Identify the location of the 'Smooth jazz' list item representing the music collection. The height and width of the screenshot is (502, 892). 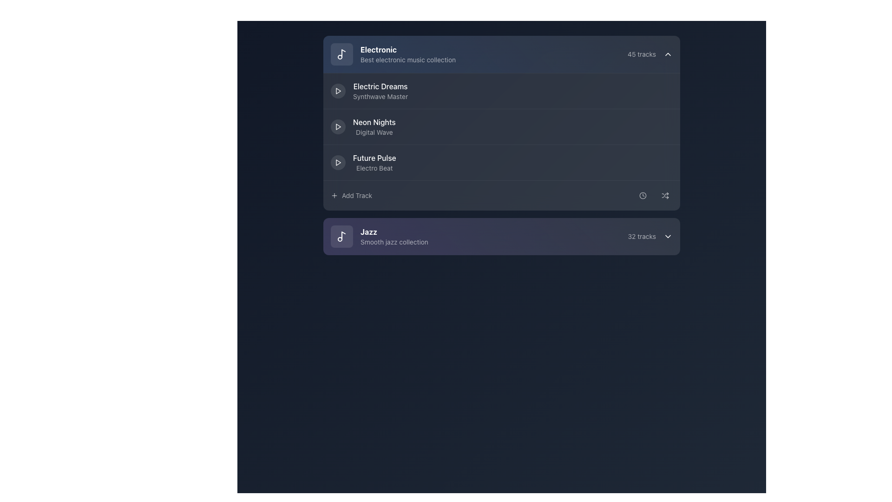
(379, 236).